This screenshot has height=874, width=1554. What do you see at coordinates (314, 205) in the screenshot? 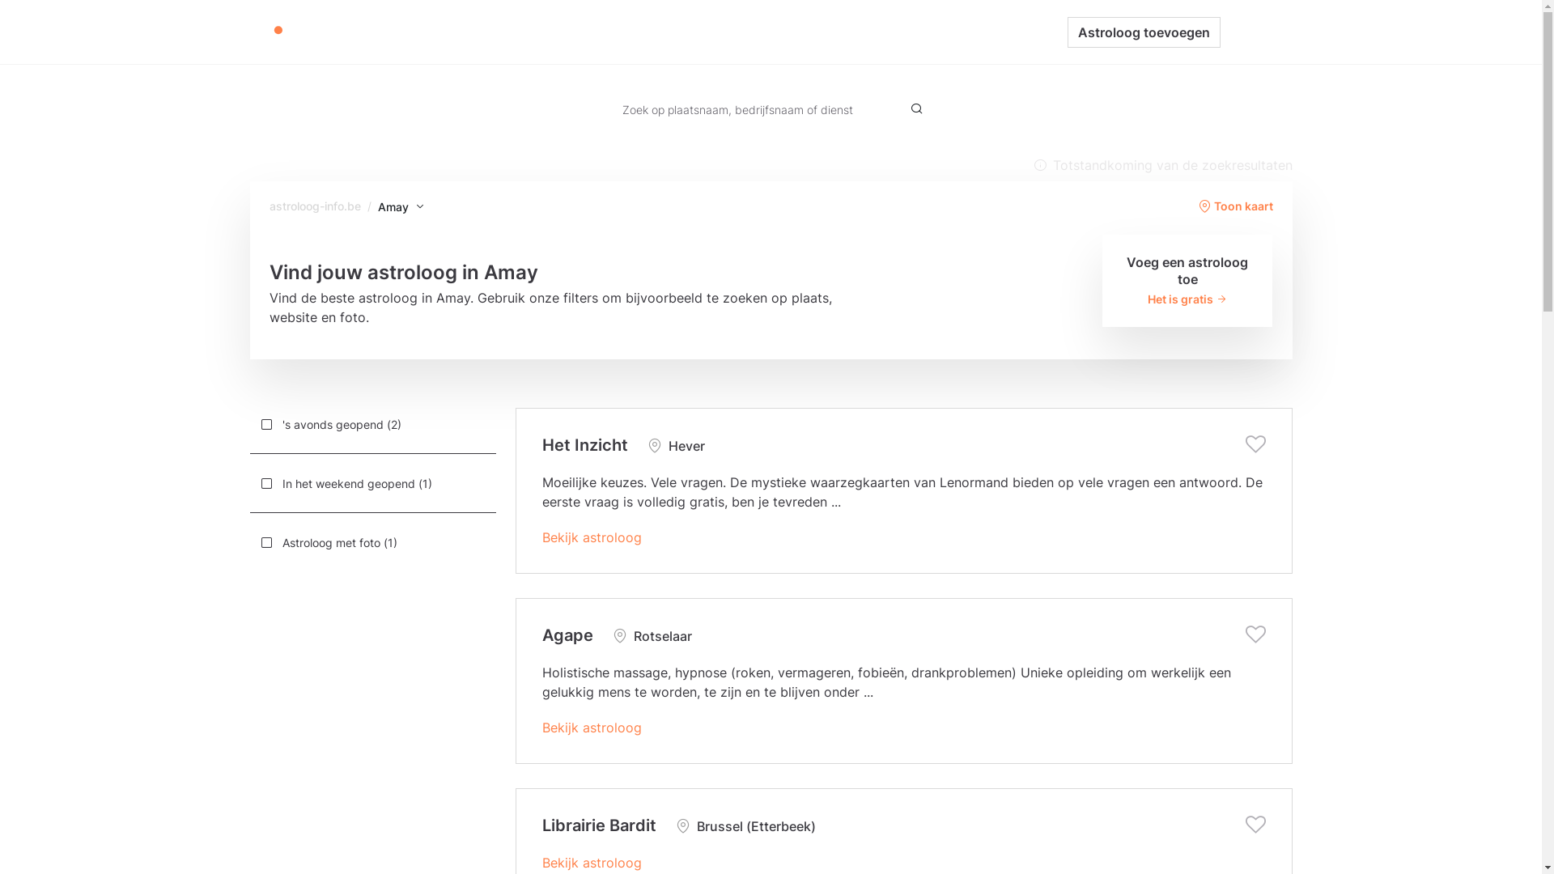
I see `'astroloog-info.be'` at bounding box center [314, 205].